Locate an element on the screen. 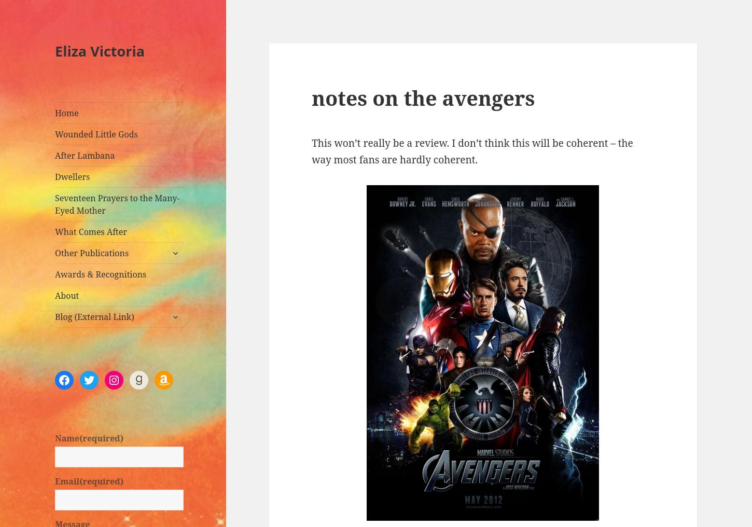 This screenshot has height=527, width=752. 'This won’t really be a review. I don’t think this will be coherent – the way most fans are hardly coherent.' is located at coordinates (312, 150).